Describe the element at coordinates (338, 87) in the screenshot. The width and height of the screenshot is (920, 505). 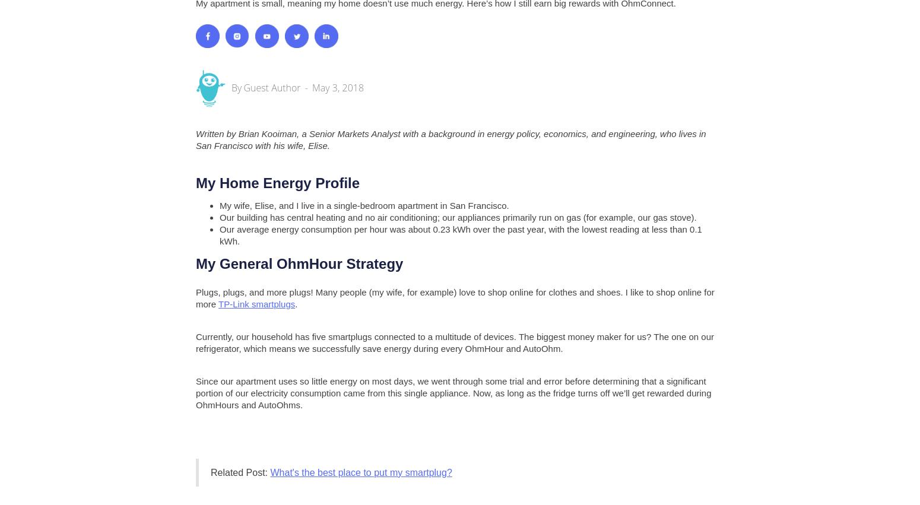
I see `'May 3, 2018'` at that location.